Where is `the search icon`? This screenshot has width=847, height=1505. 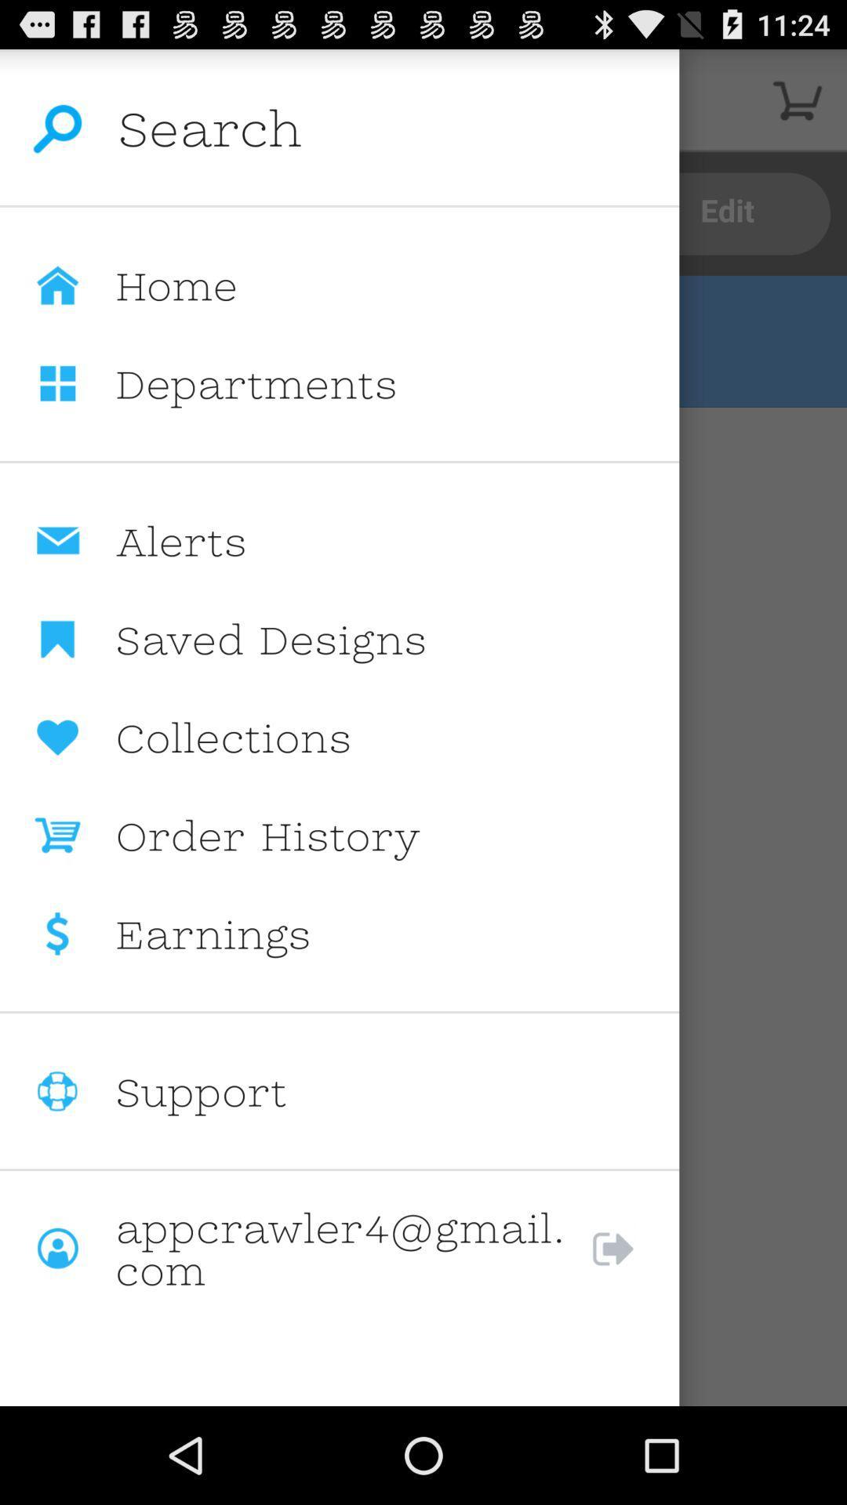 the search icon is located at coordinates (44, 107).